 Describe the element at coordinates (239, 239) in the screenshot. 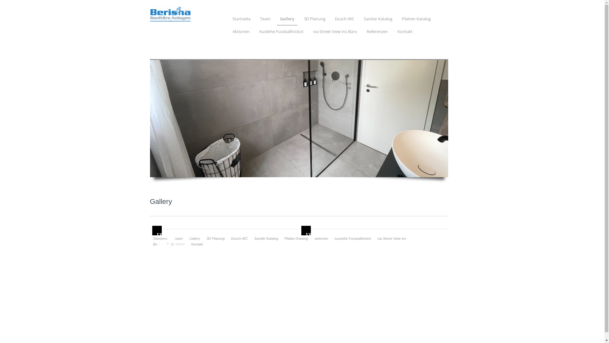

I see `'Dusch-WC'` at that location.